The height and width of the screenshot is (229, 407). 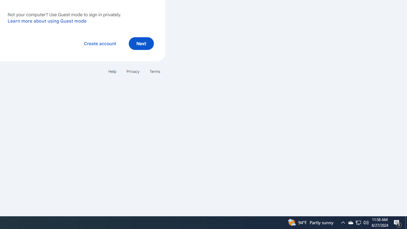 I want to click on 'Privacy', so click(x=132, y=71).